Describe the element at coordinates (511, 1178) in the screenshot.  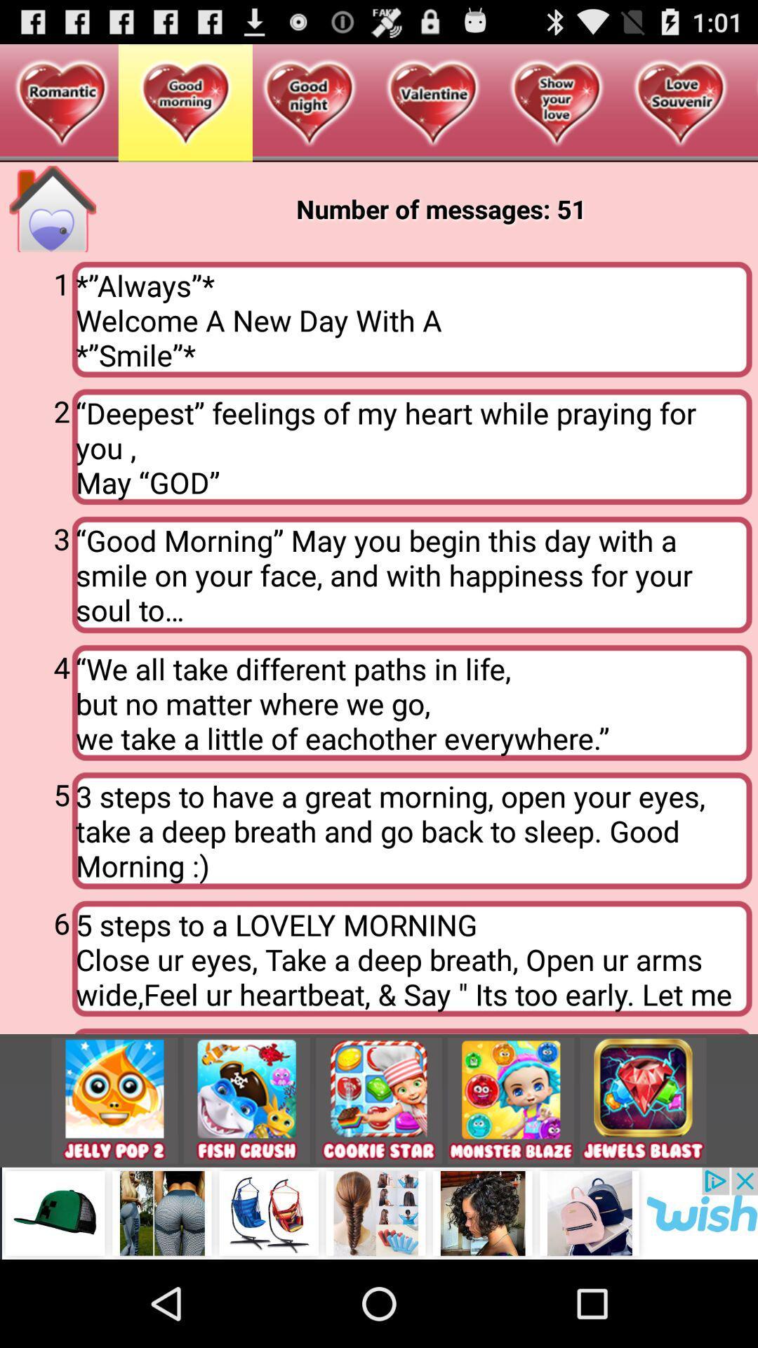
I see `the avatar icon` at that location.